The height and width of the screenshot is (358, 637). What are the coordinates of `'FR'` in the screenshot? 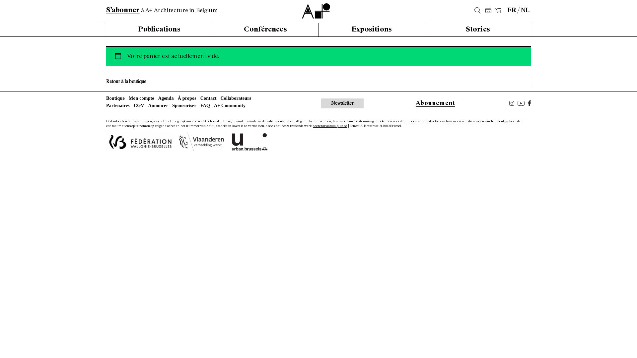 It's located at (506, 11).